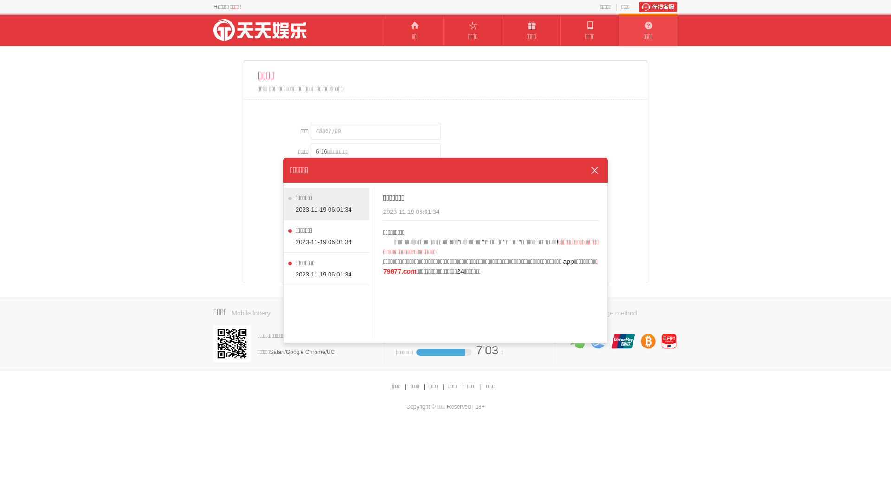 The width and height of the screenshot is (891, 501). What do you see at coordinates (442, 386) in the screenshot?
I see `'|'` at bounding box center [442, 386].